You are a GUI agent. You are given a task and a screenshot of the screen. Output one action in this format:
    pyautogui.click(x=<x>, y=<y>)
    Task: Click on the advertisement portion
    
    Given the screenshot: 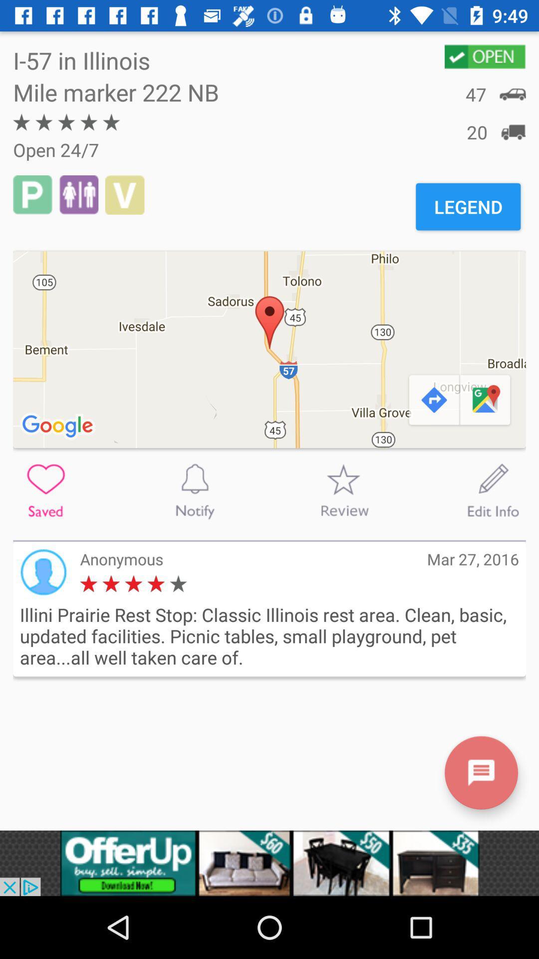 What is the action you would take?
    pyautogui.click(x=269, y=863)
    